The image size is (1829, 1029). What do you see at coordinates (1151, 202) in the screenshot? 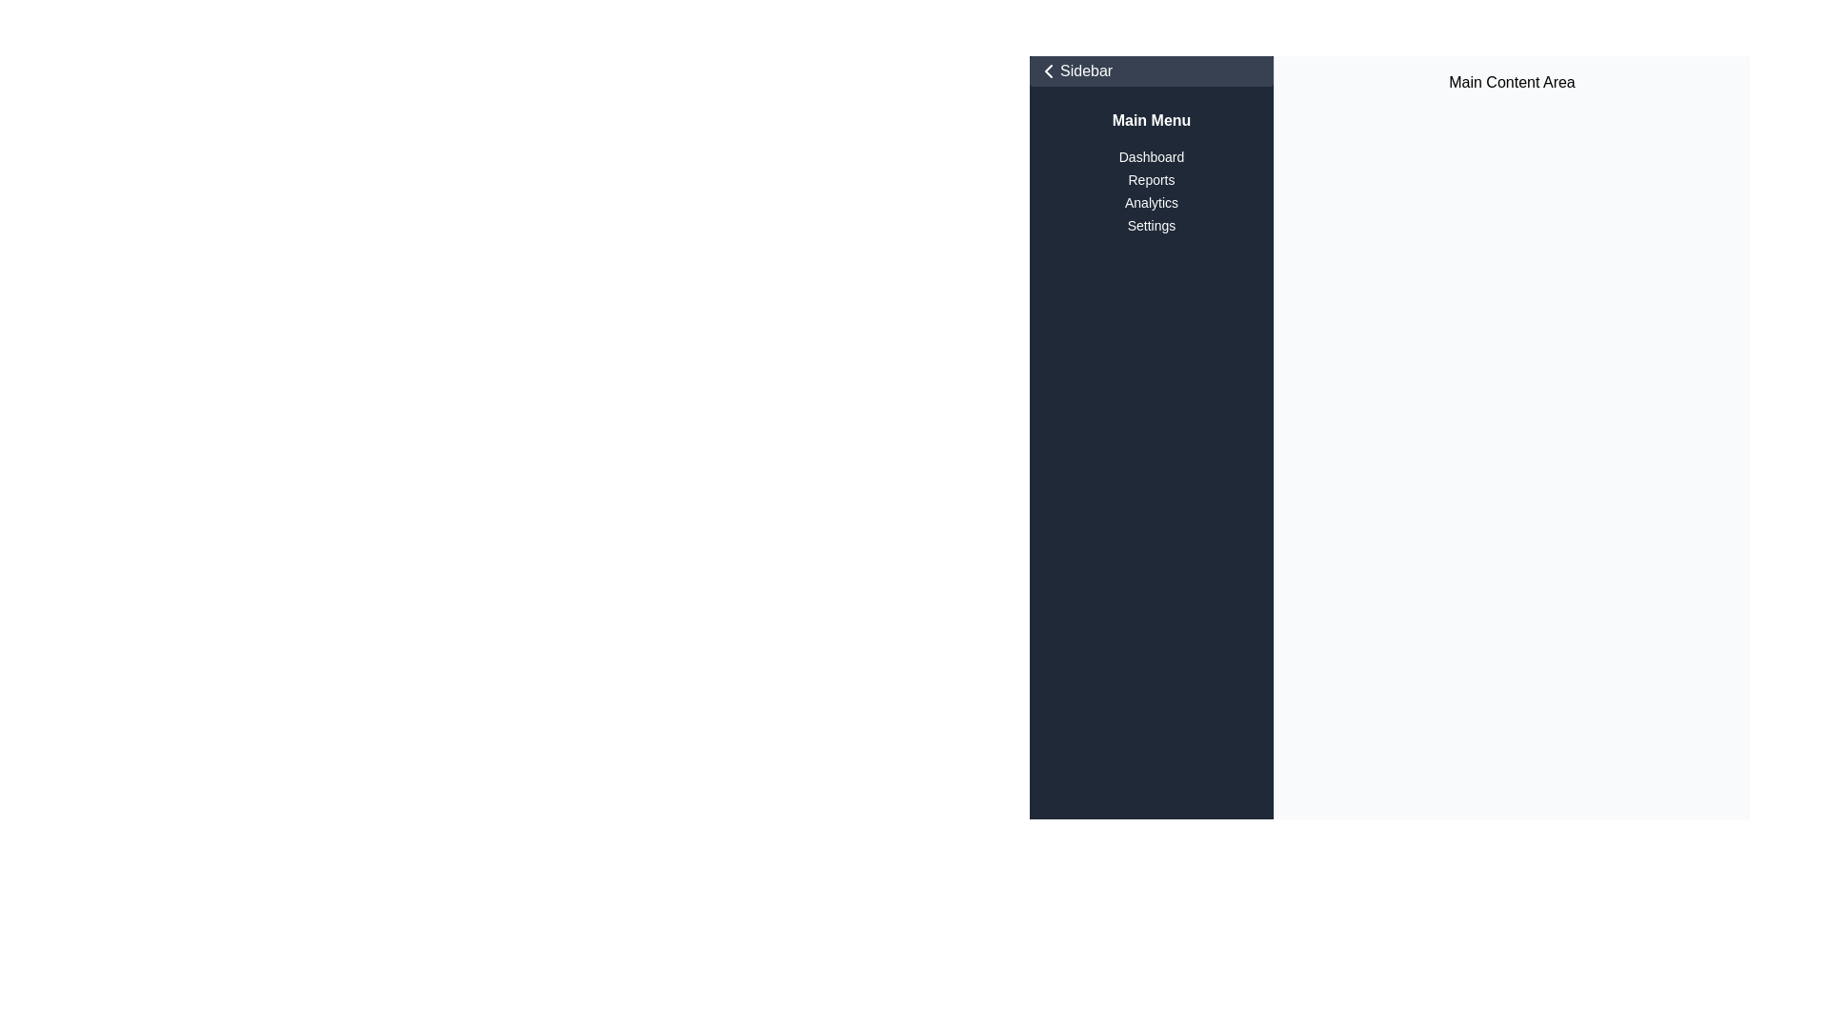
I see `the 'Analytics' text label in the sidebar menu` at bounding box center [1151, 202].